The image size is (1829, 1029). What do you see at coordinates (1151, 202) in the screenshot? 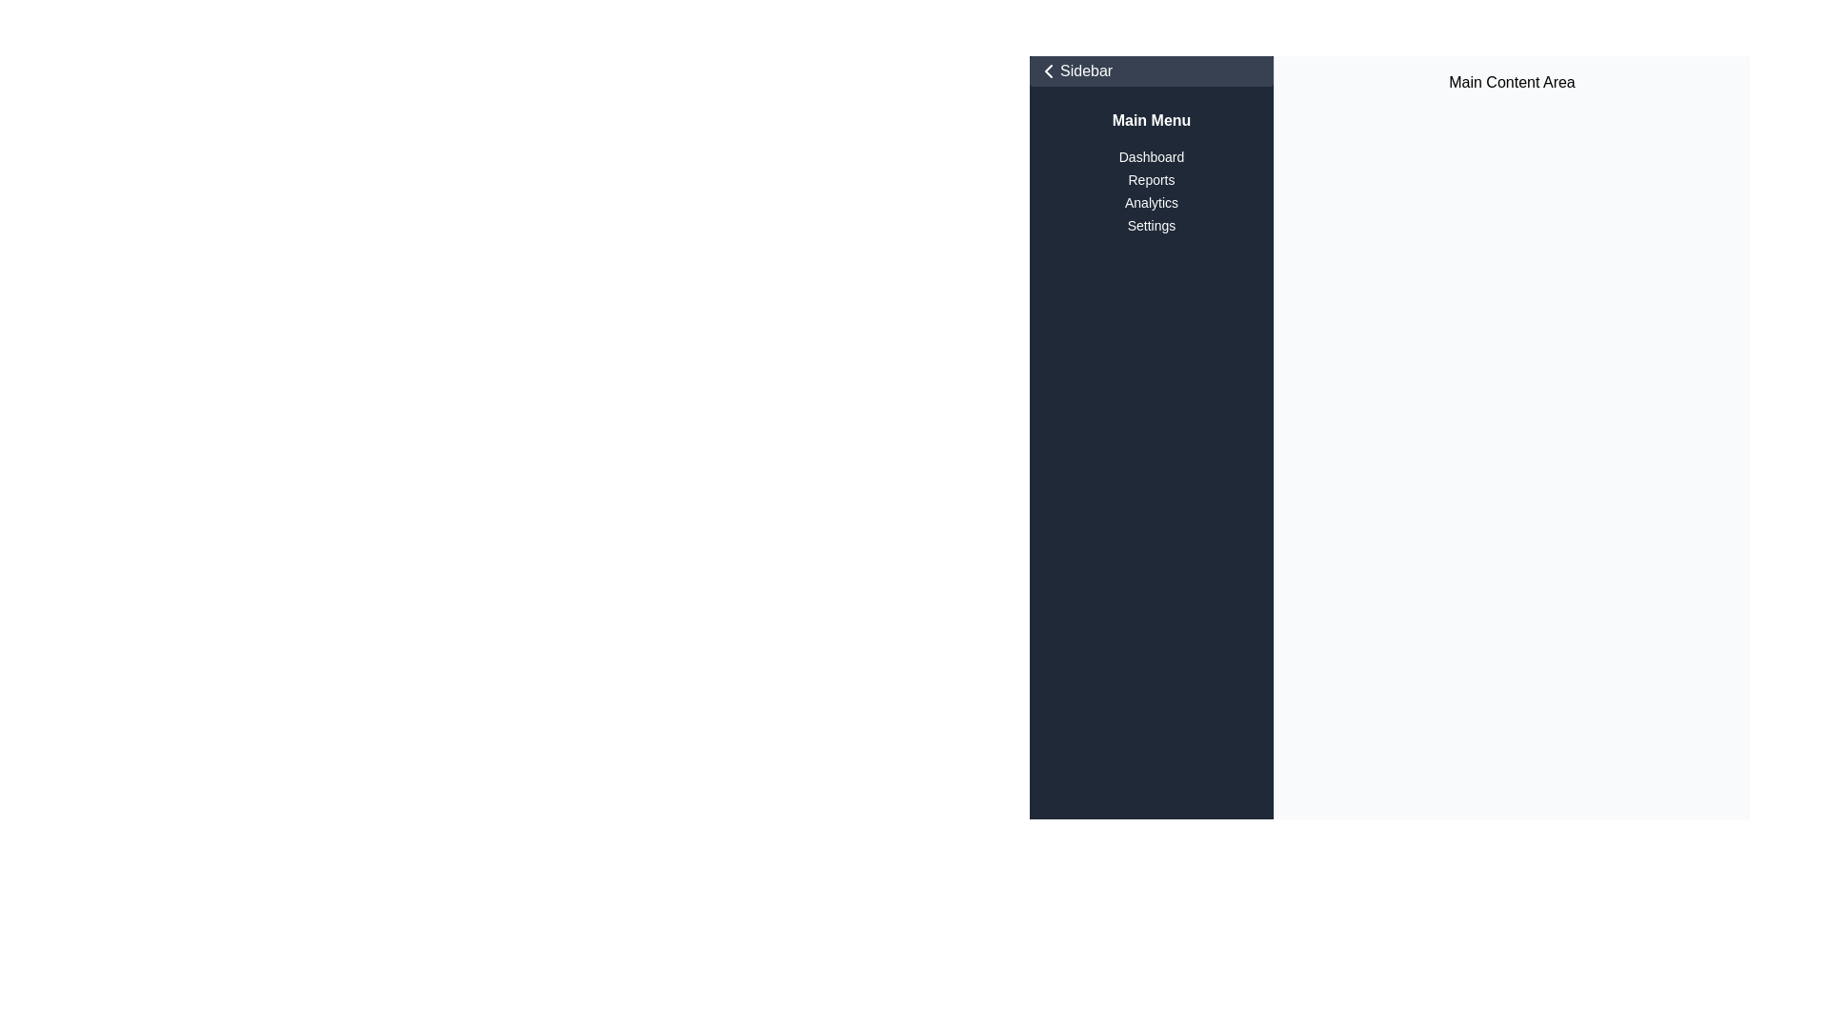
I see `the 'Analytics' text label in the sidebar menu` at bounding box center [1151, 202].